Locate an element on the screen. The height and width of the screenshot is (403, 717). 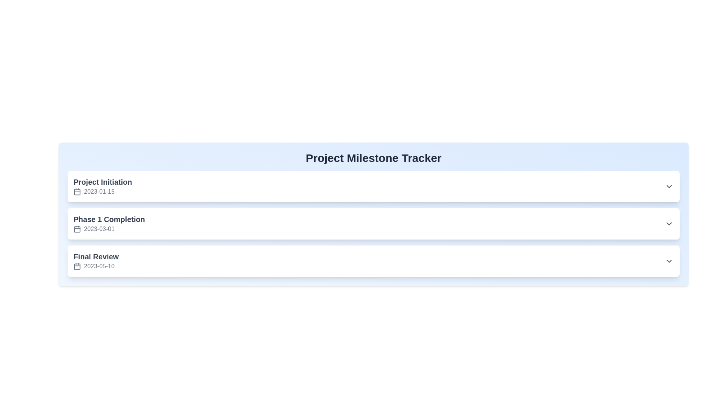
the small rectangular calendar icon component with a red background, positioned to the left of the text '2023-01-15' under the 'Project Initiation' milestone entry is located at coordinates (77, 191).